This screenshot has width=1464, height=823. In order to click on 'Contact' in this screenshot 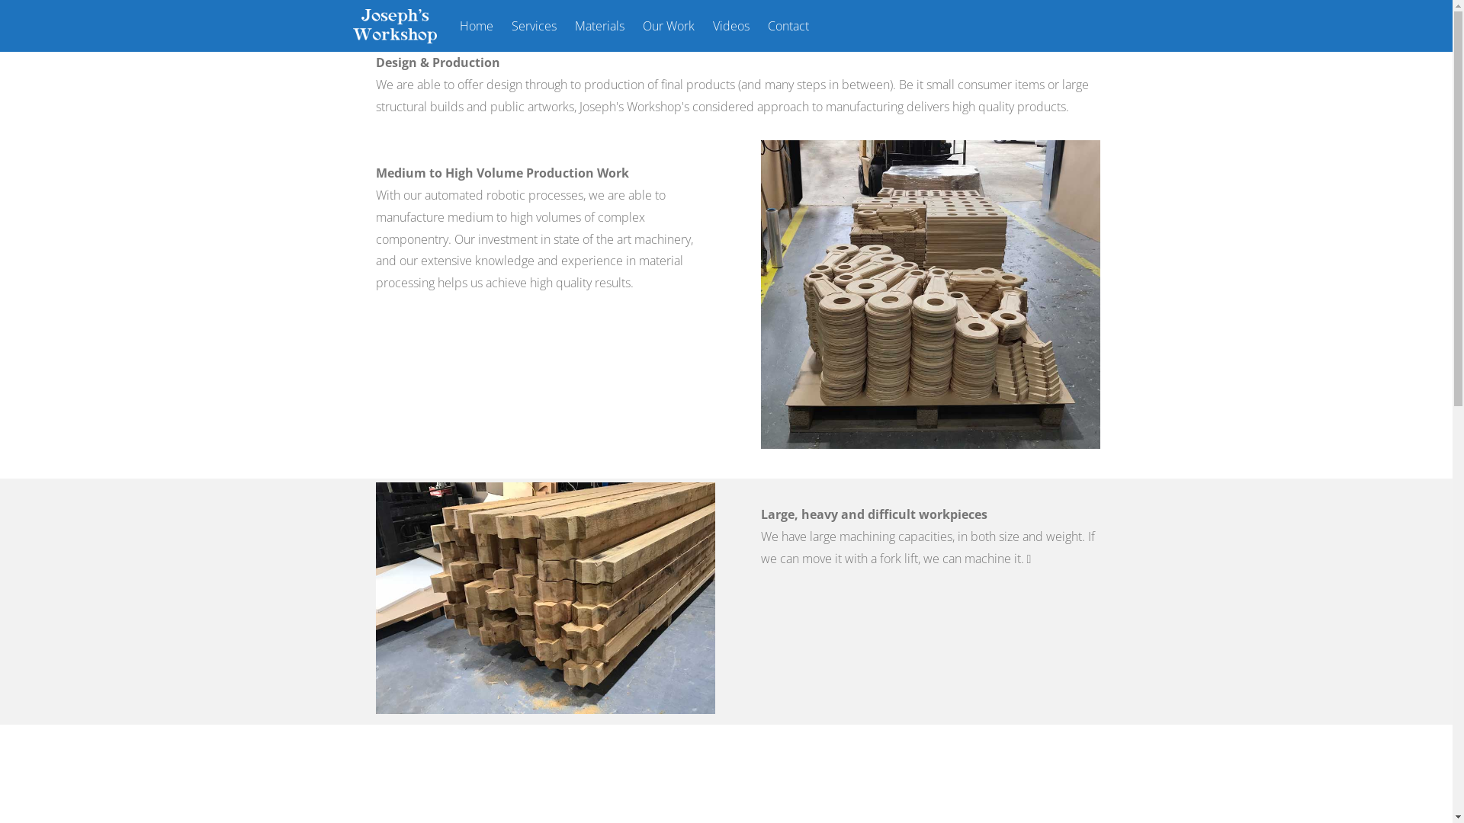, I will do `click(788, 26)`.